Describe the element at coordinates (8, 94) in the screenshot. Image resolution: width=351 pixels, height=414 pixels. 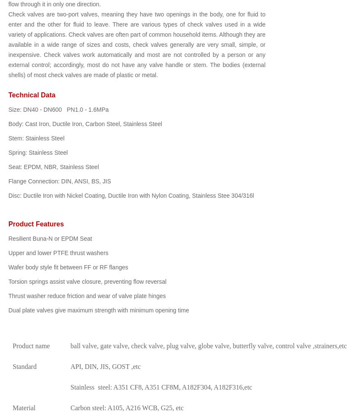
I see `'Technical Data'` at that location.